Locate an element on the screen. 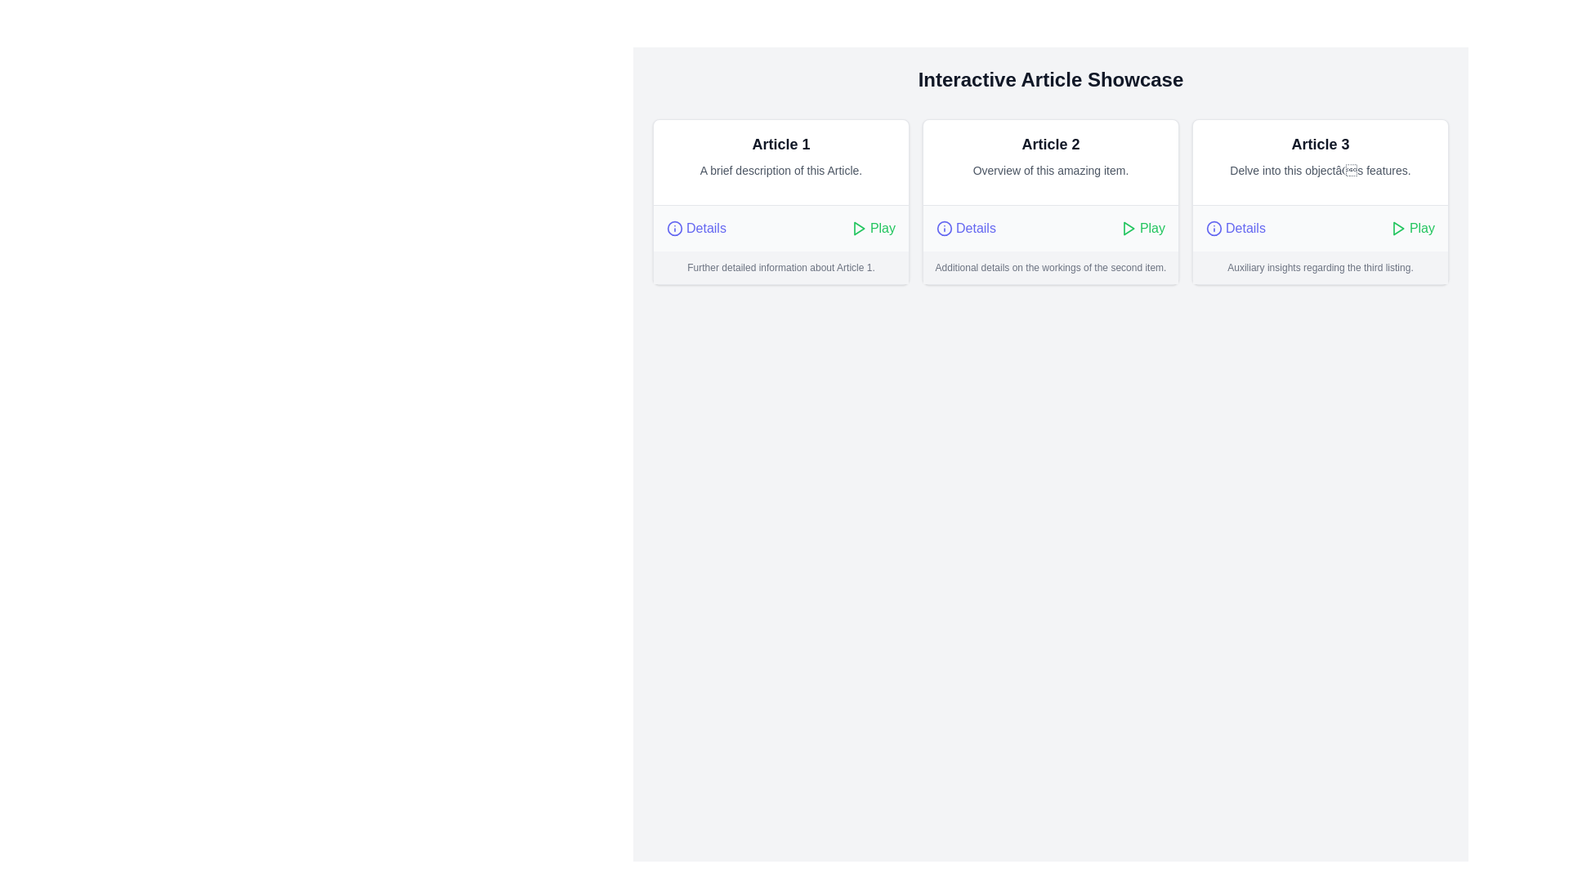  the 'Play' button, which features green text and a play icon, located in the third column next to the 'Details' button for 'Article 3' is located at coordinates (1411, 229).